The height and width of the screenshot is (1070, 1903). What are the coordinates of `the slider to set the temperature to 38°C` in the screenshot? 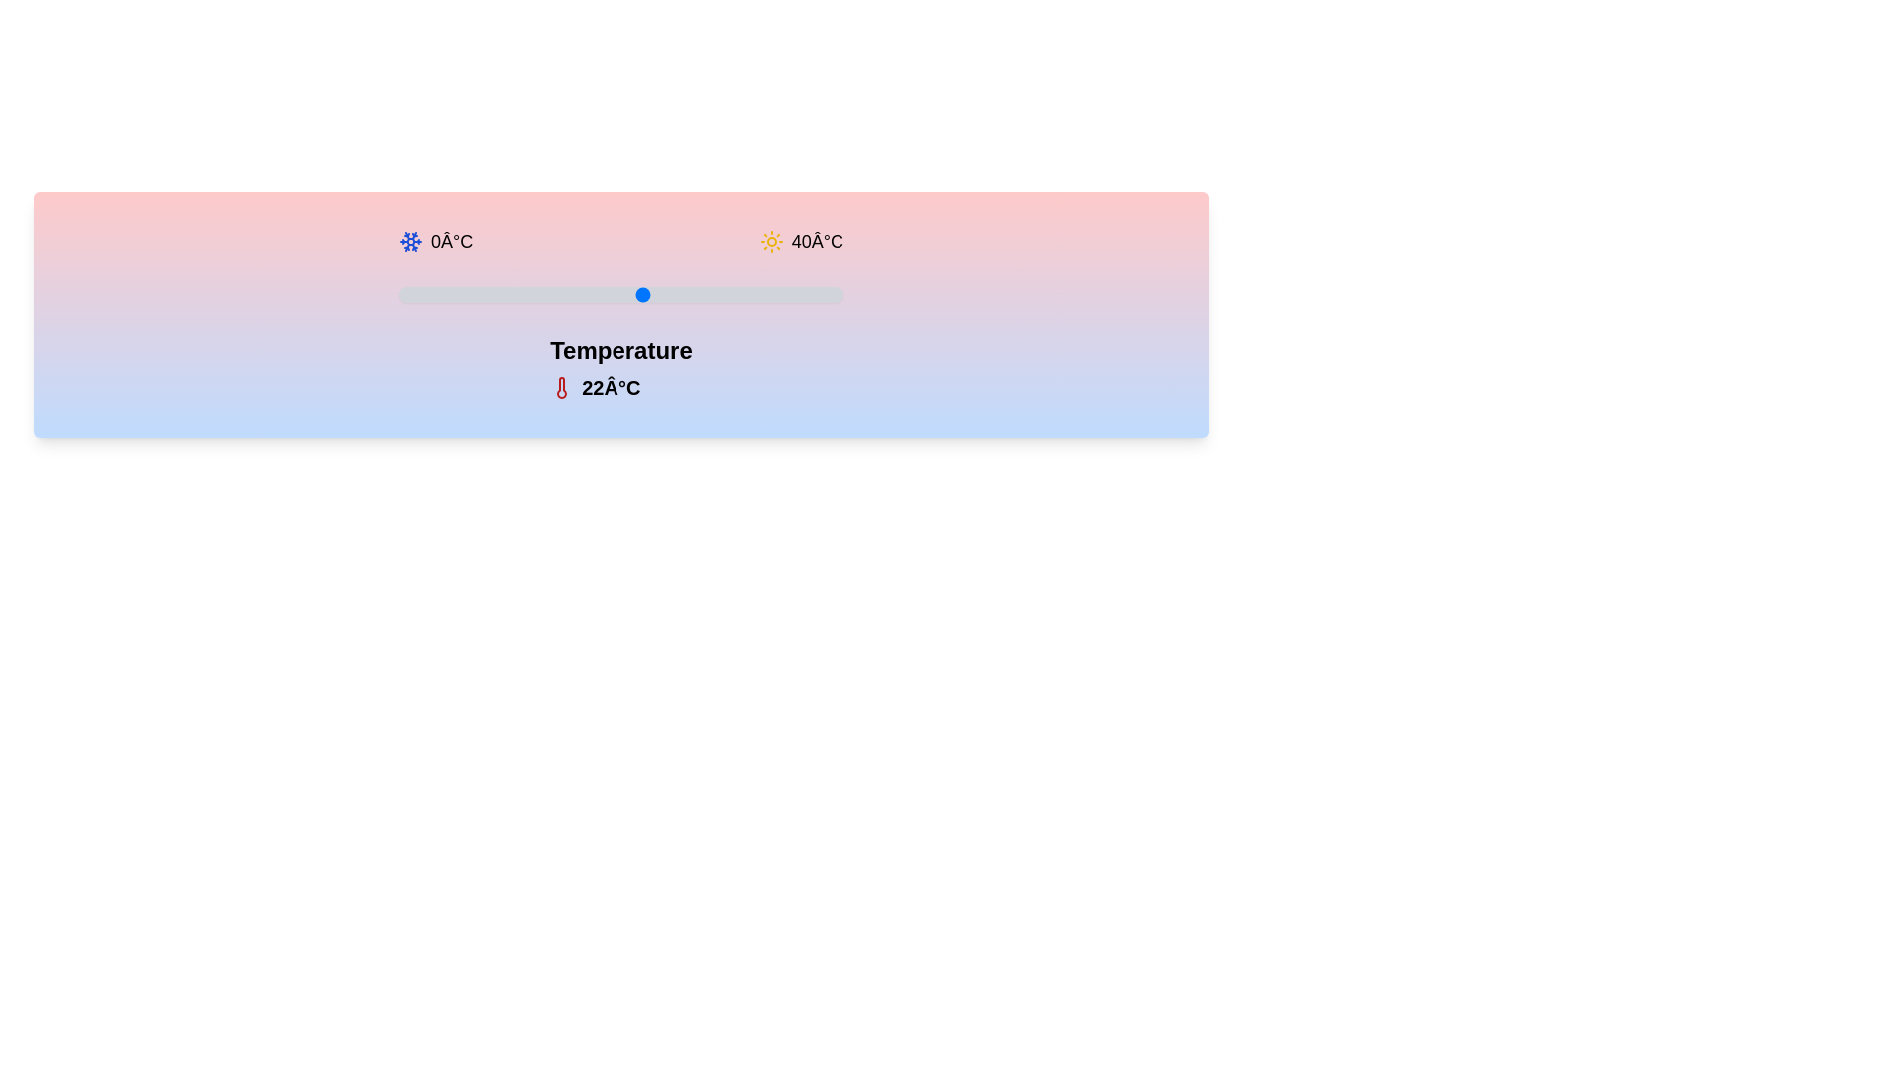 It's located at (821, 294).